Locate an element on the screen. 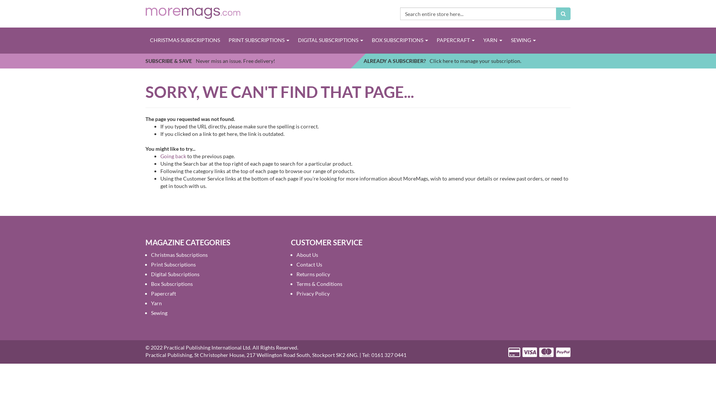 This screenshot has width=716, height=402. 'PAPERCRAFT' is located at coordinates (455, 40).